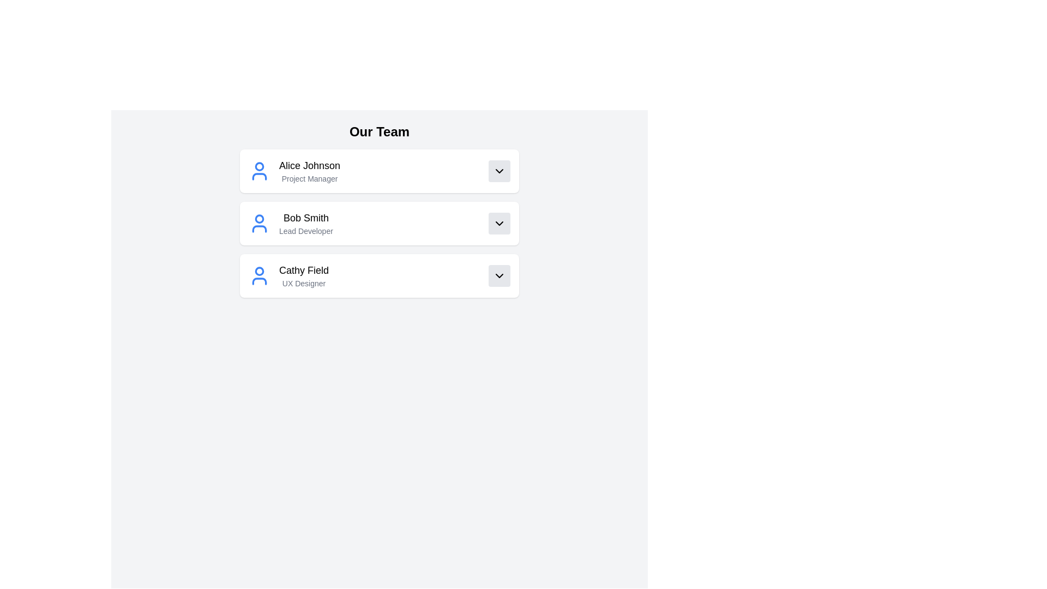 The image size is (1047, 589). I want to click on the icon at the right end of the team member card for 'Alice Johnson', so click(499, 171).